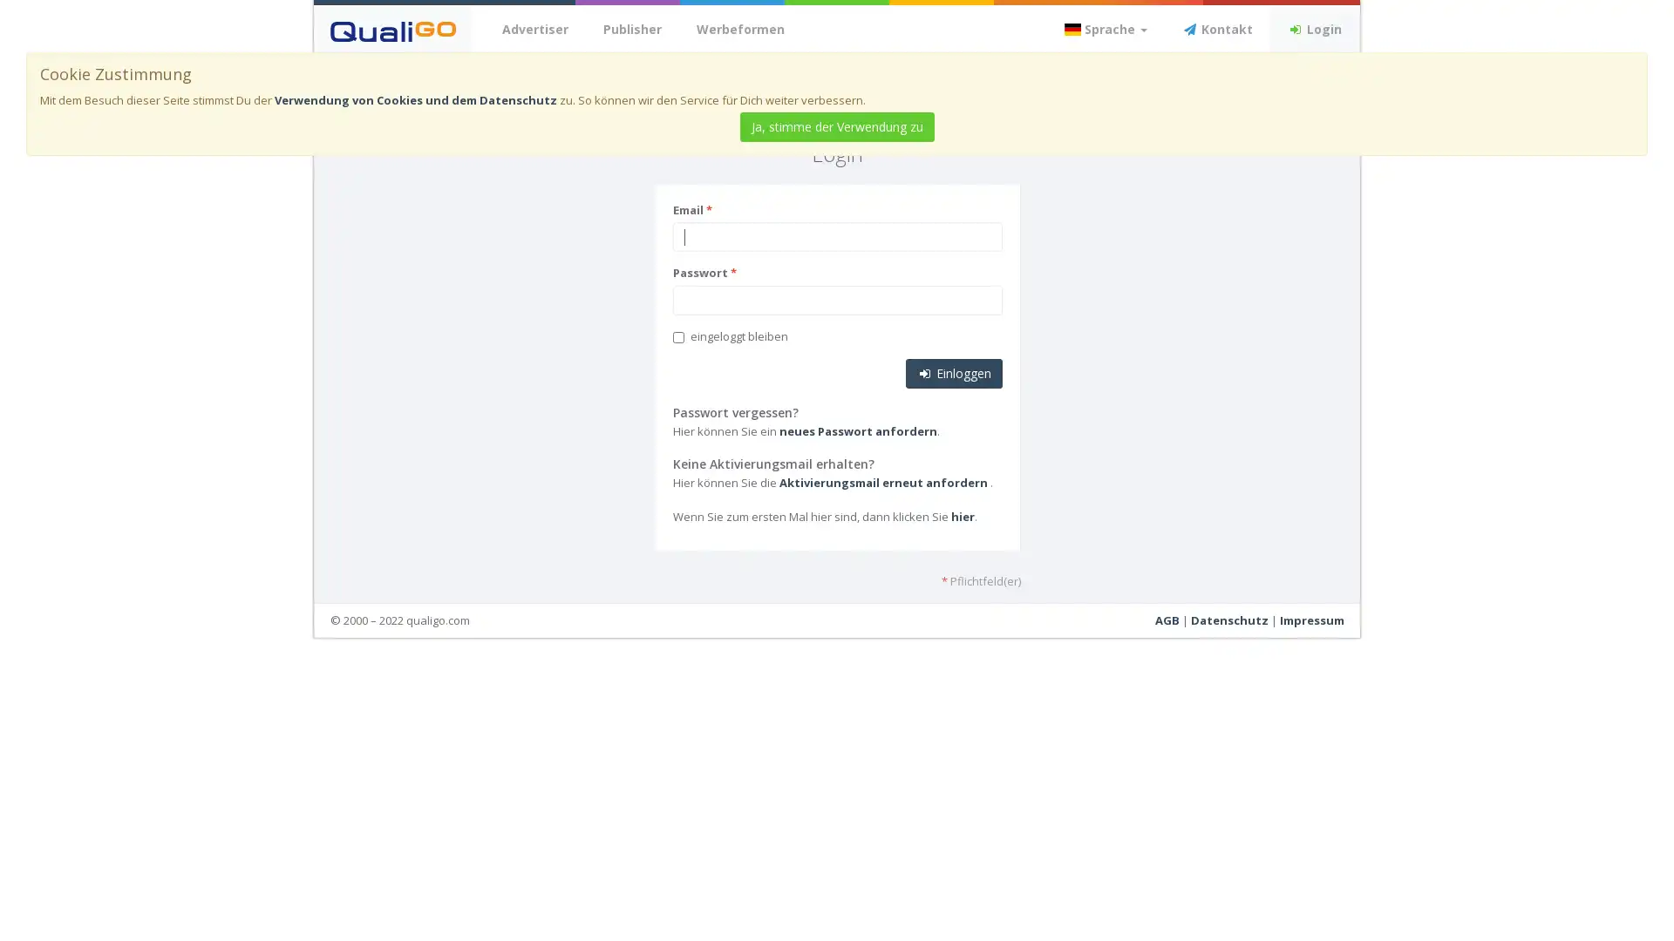  What do you see at coordinates (952, 372) in the screenshot?
I see `Einloggen` at bounding box center [952, 372].